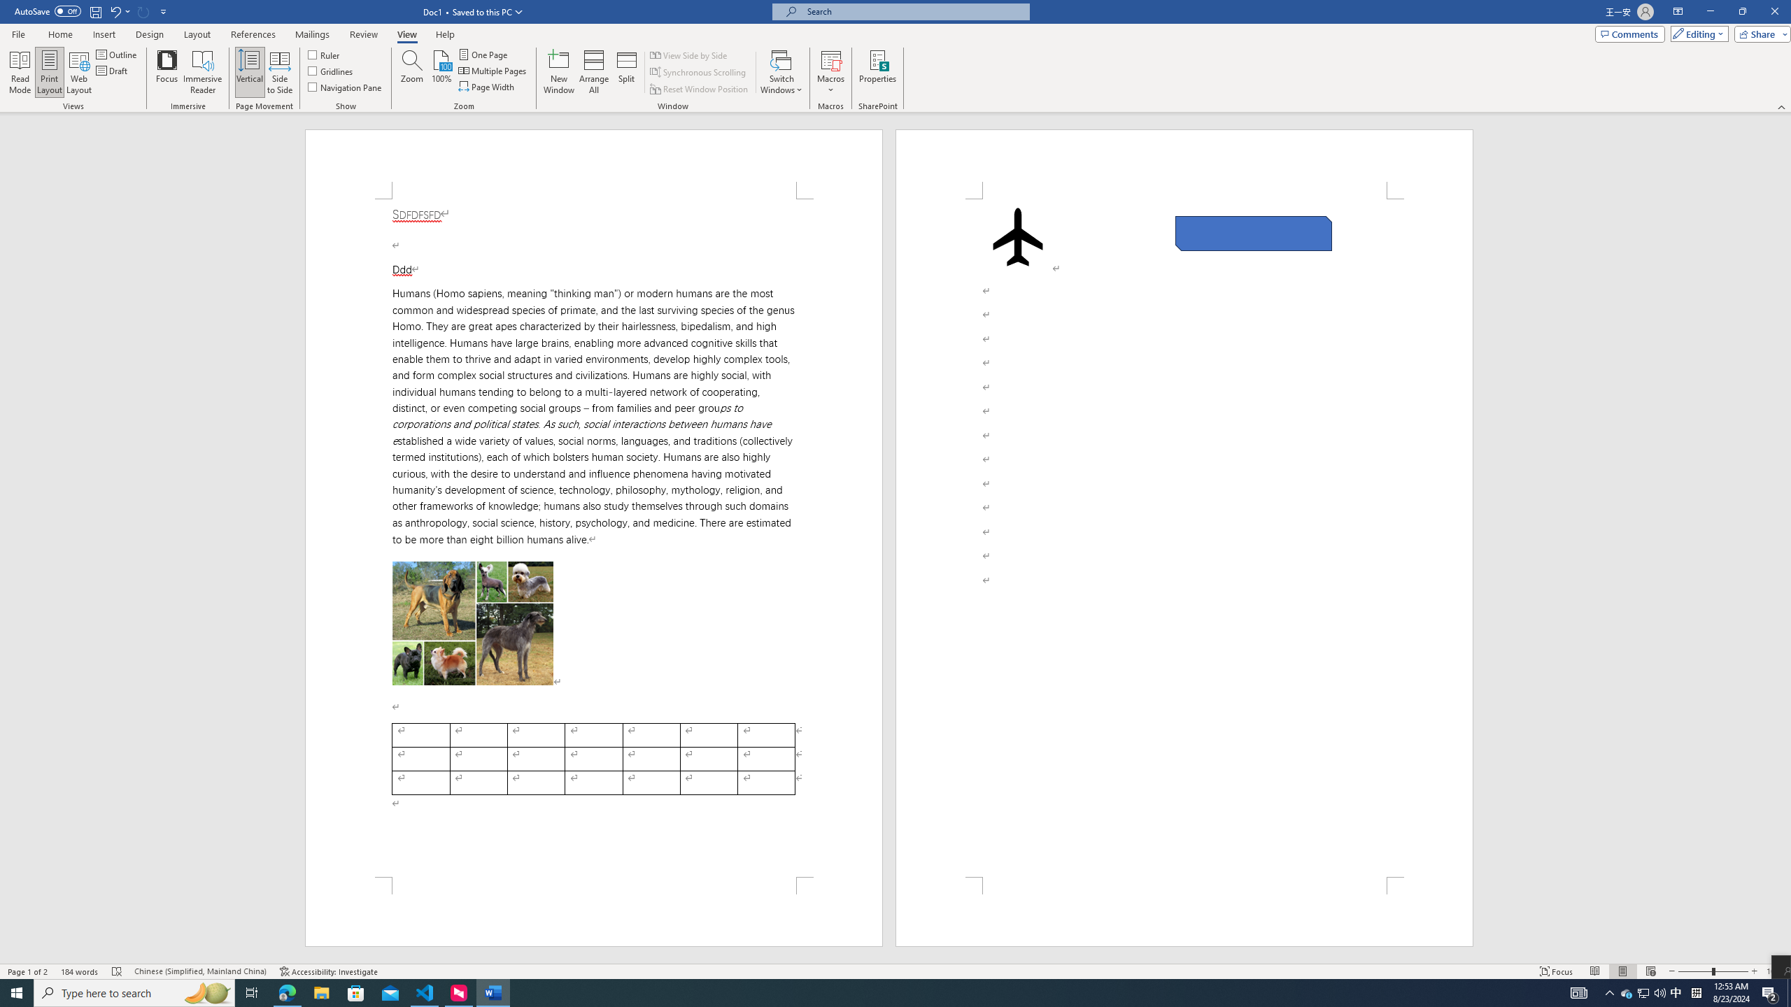 The width and height of the screenshot is (1791, 1007). What do you see at coordinates (1774, 11) in the screenshot?
I see `'Close'` at bounding box center [1774, 11].